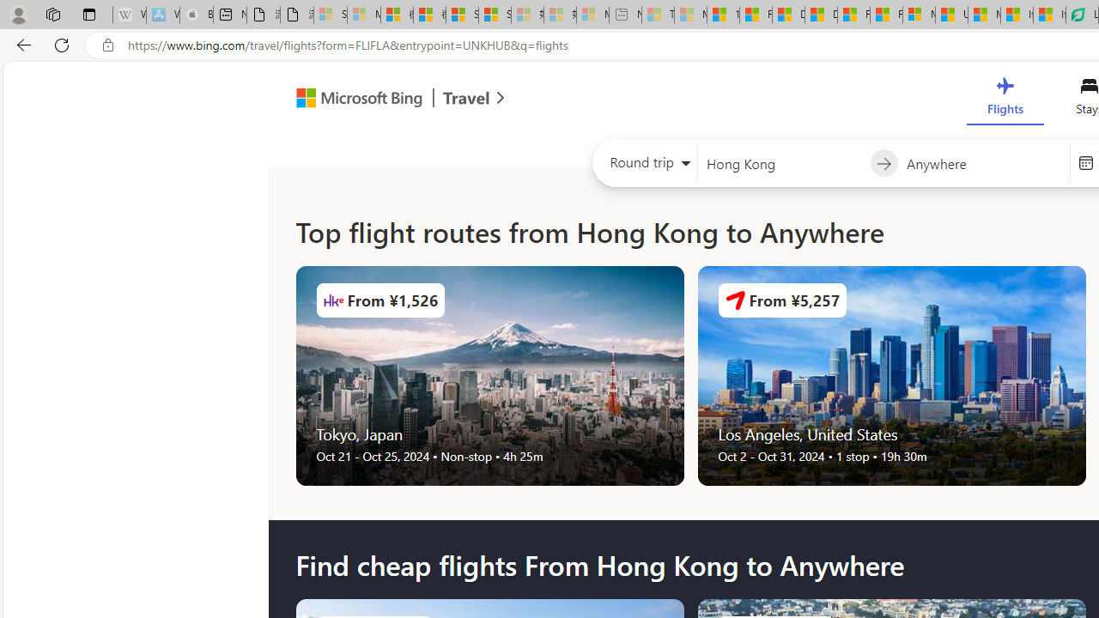 This screenshot has height=618, width=1099. I want to click on 'Class: msft-travel-logo', so click(466, 98).